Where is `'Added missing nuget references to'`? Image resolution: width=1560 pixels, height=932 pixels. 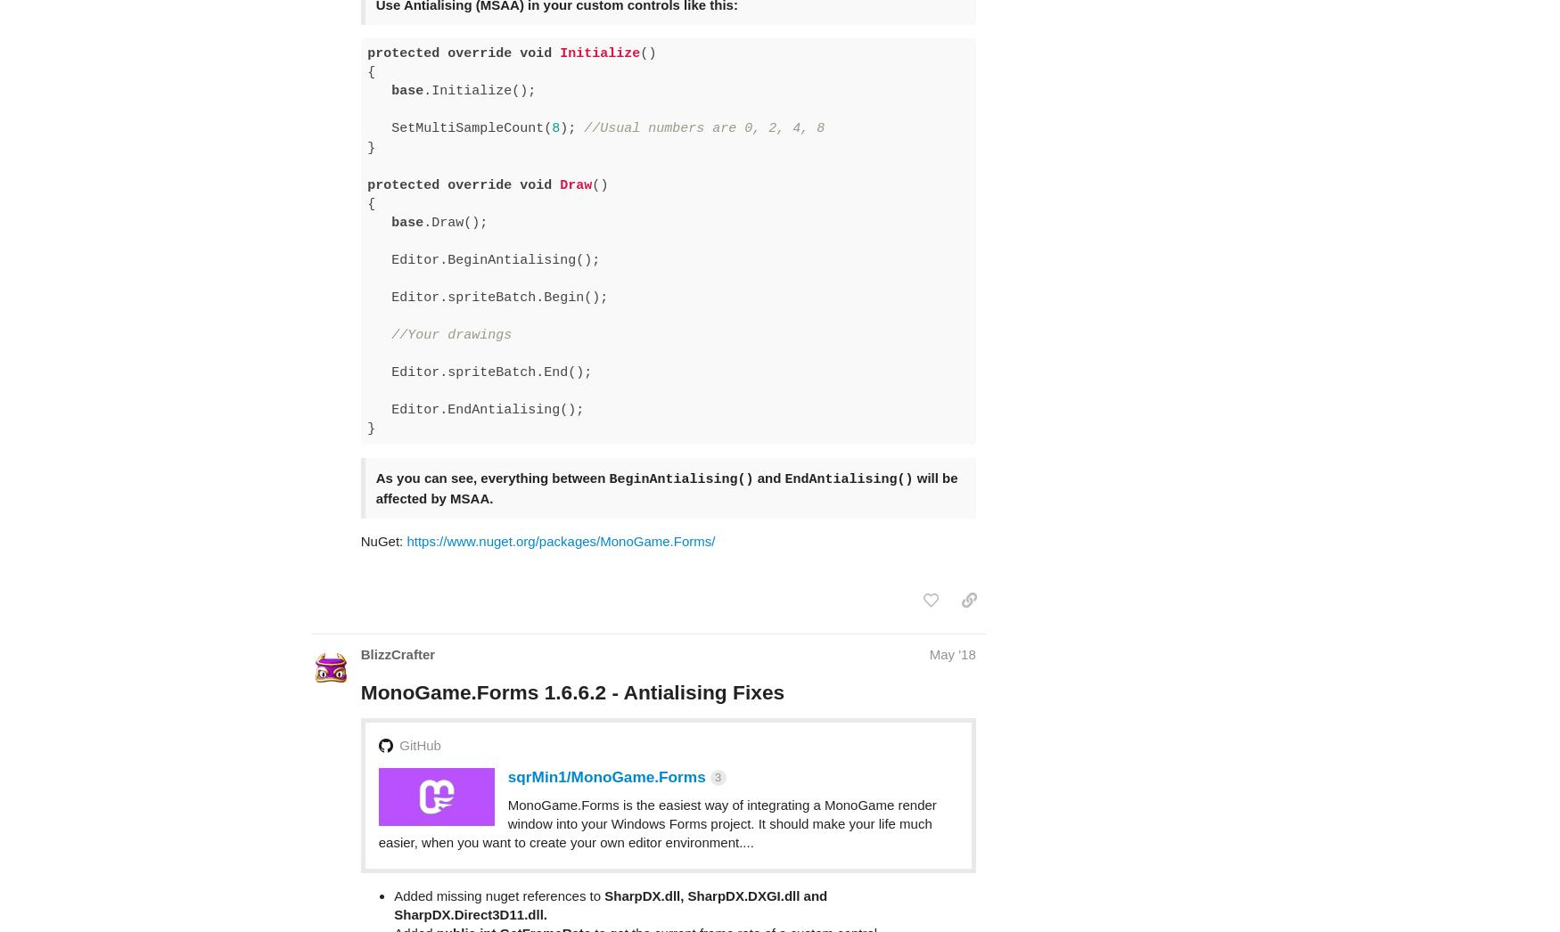 'Added missing nuget references to' is located at coordinates (394, 826).